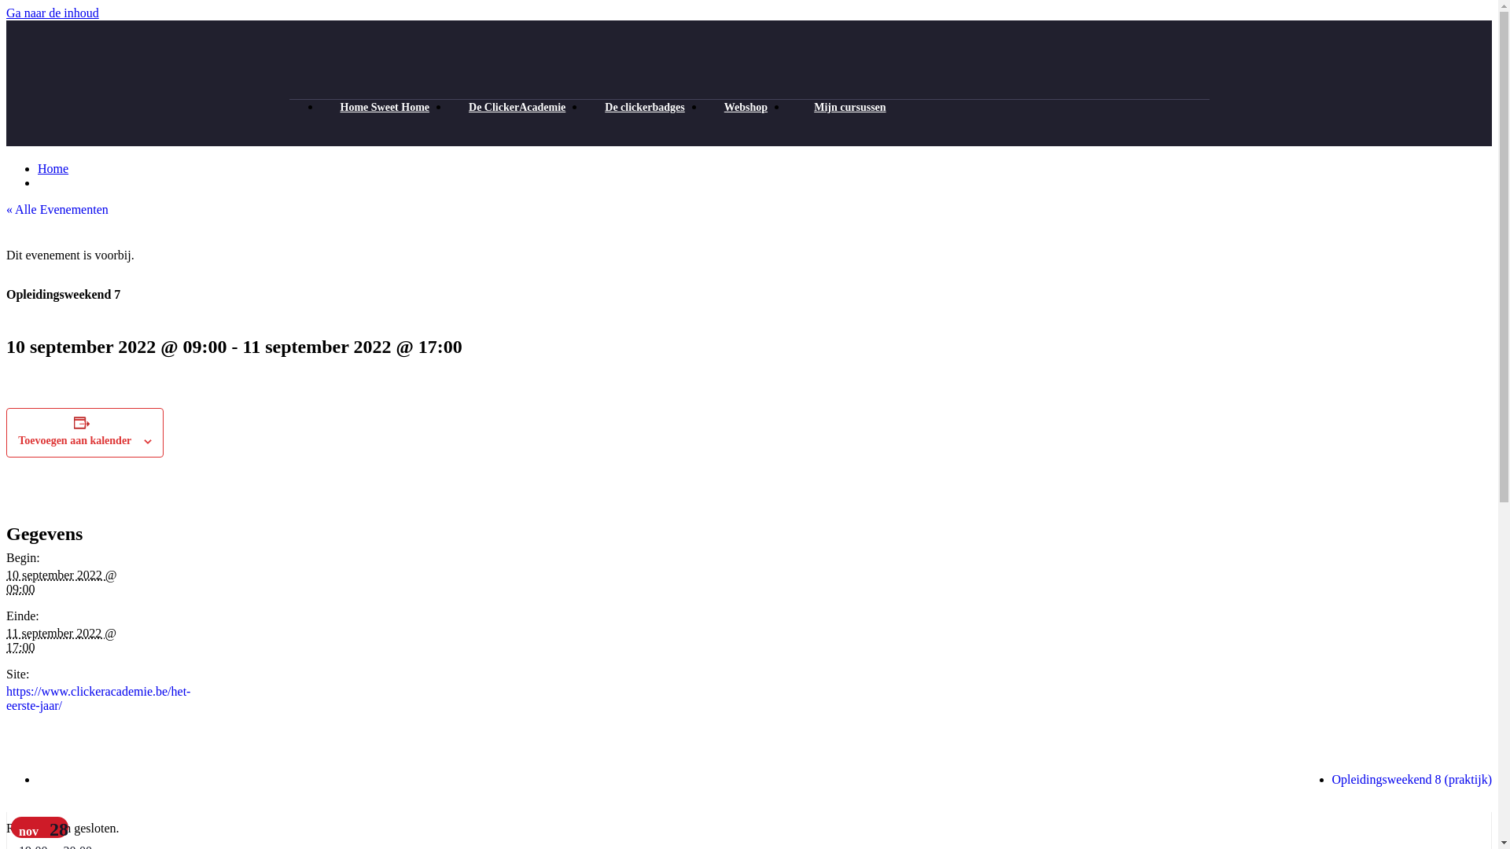 This screenshot has width=1510, height=849. I want to click on 'Opleidingsweekend 8 (praktijk)', so click(1412, 779).